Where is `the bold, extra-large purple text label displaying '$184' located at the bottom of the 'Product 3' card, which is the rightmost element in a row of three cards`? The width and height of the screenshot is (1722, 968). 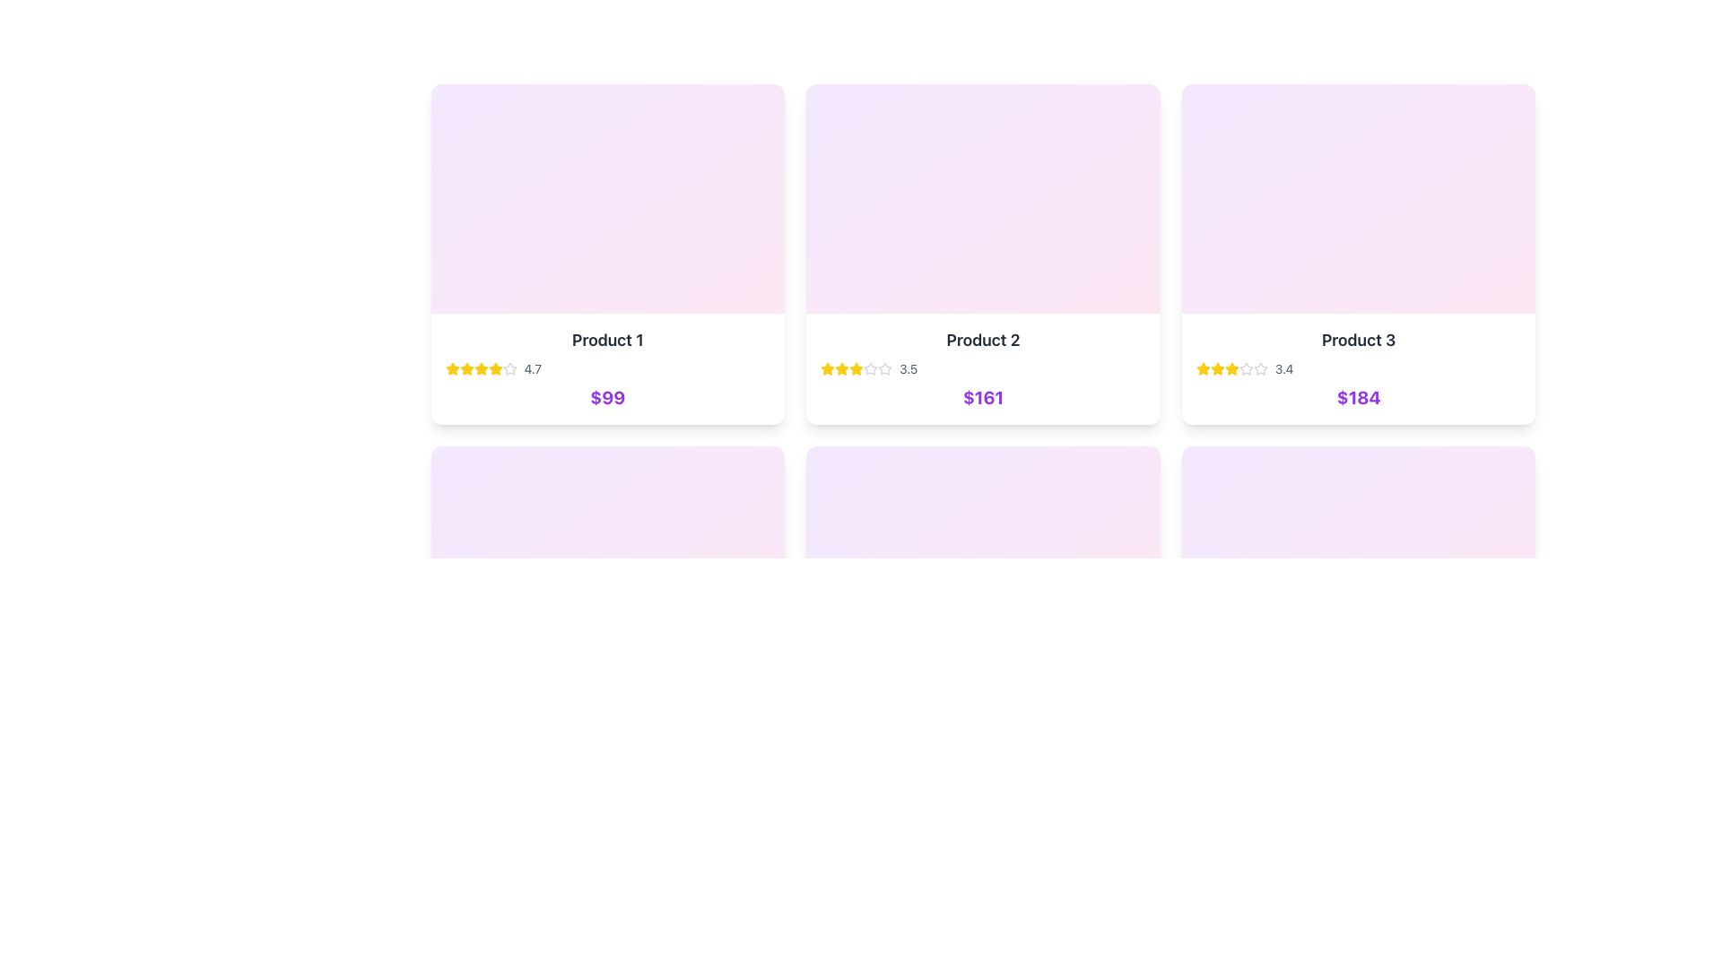 the bold, extra-large purple text label displaying '$184' located at the bottom of the 'Product 3' card, which is the rightmost element in a row of three cards is located at coordinates (1359, 396).